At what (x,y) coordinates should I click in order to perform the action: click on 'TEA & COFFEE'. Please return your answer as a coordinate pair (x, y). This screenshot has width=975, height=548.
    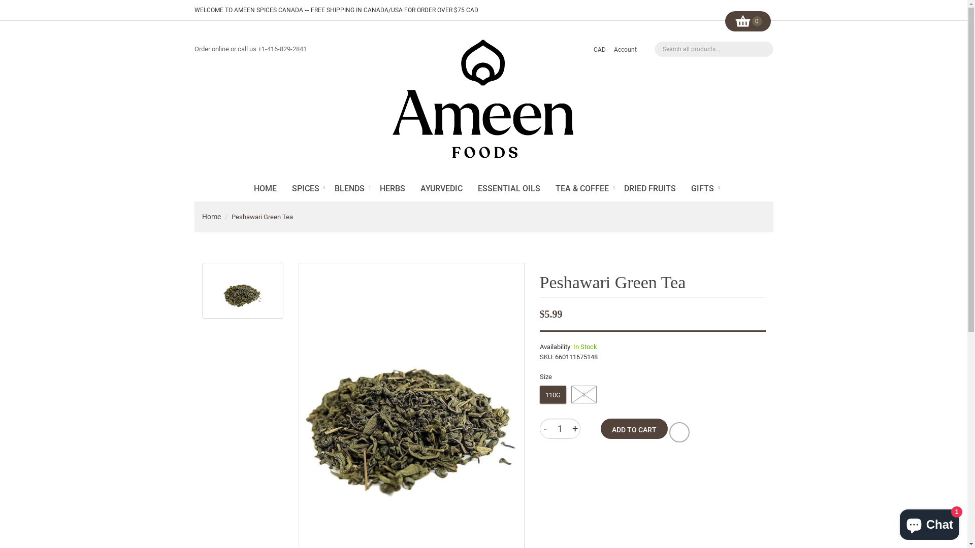
    Looking at the image, I should click on (581, 188).